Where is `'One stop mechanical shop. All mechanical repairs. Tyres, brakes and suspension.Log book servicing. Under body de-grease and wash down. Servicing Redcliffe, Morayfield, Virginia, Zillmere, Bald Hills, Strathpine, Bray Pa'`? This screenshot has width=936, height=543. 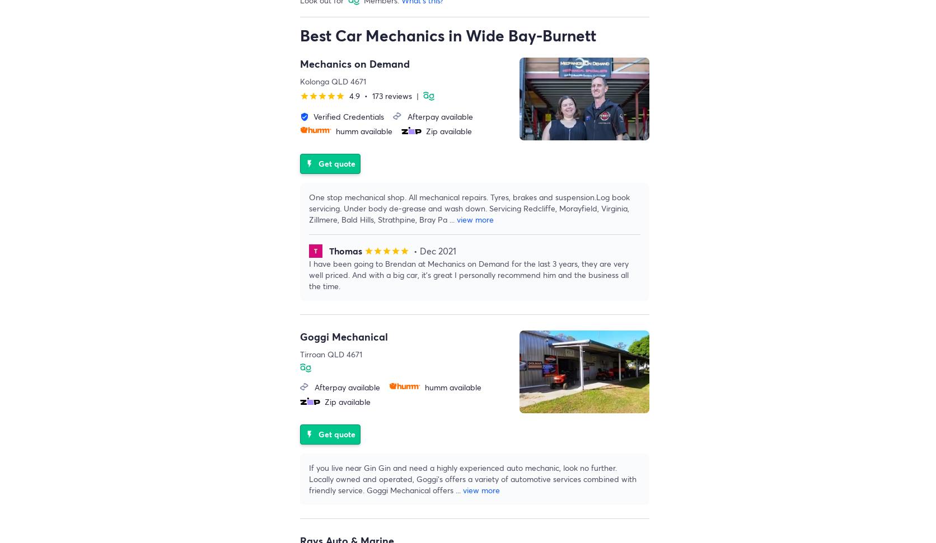
'One stop mechanical shop. All mechanical repairs. Tyres, brakes and suspension.Log book servicing. Under body de-grease and wash down. Servicing Redcliffe, Morayfield, Virginia, Zillmere, Bald Hills, Strathpine, Bray Pa' is located at coordinates (308, 208).